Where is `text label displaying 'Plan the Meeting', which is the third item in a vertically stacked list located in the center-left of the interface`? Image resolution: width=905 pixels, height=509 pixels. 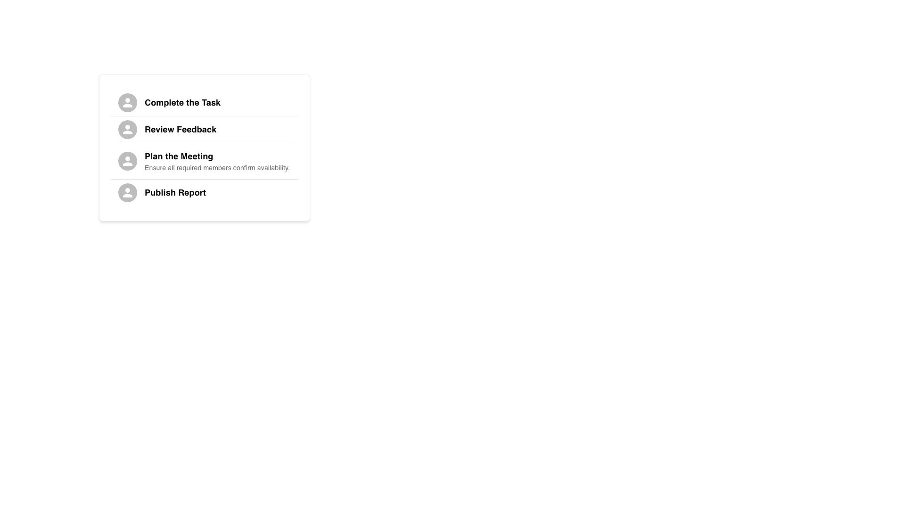 text label displaying 'Plan the Meeting', which is the third item in a vertically stacked list located in the center-left of the interface is located at coordinates (179, 156).